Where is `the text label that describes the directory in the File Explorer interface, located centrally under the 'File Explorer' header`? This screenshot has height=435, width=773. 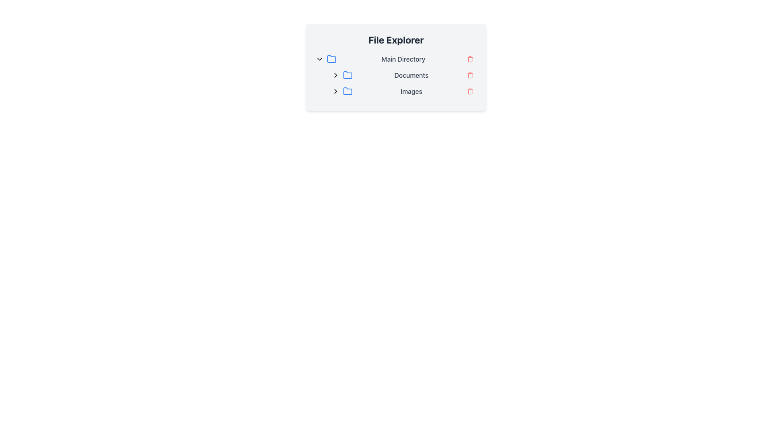 the text label that describes the directory in the File Explorer interface, located centrally under the 'File Explorer' header is located at coordinates (403, 58).